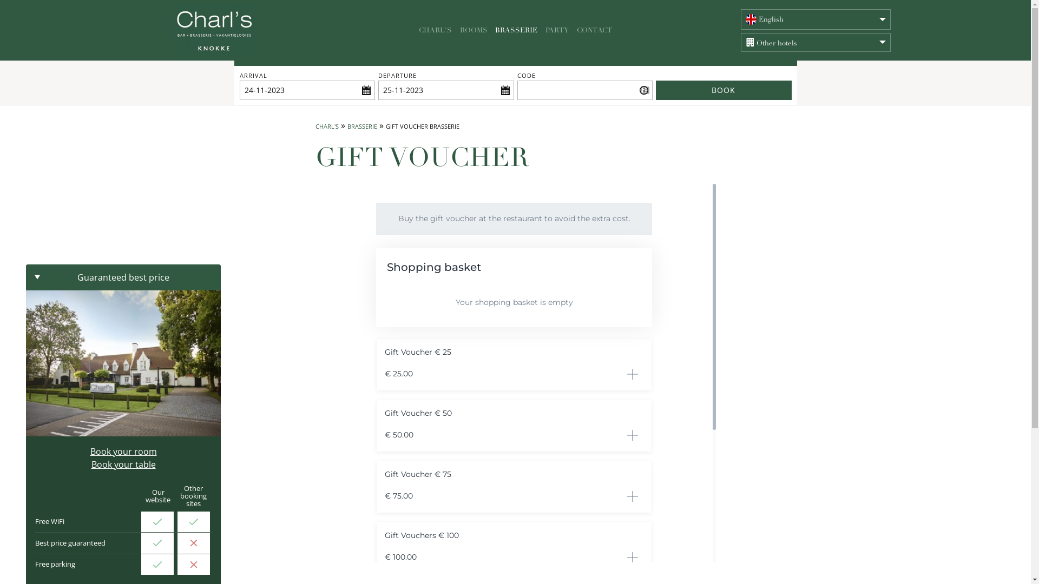 This screenshot has height=584, width=1039. I want to click on 'ROOMS', so click(474, 30).